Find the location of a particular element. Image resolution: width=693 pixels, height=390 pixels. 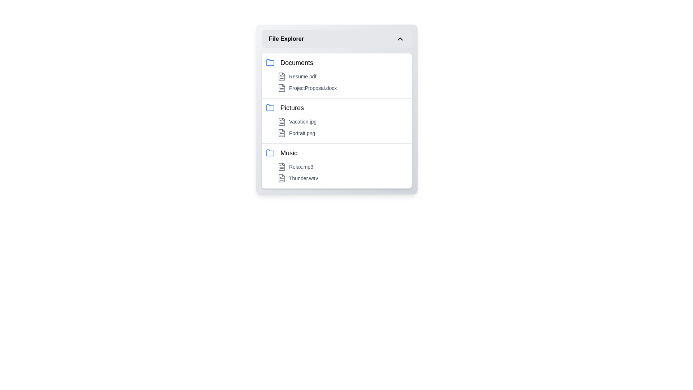

the folder named Documents to select it is located at coordinates (336, 62).